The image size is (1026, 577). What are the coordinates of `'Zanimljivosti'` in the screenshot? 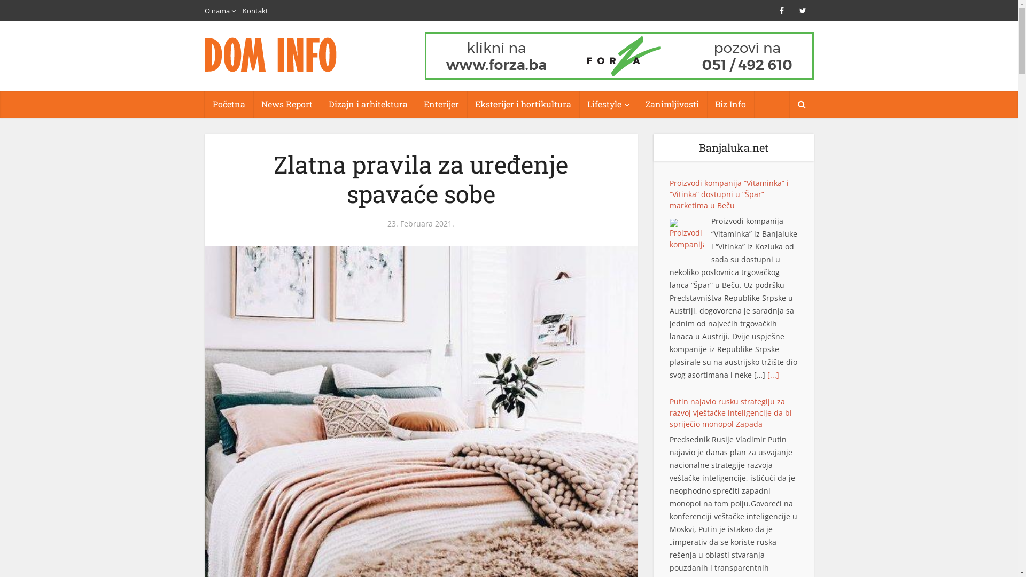 It's located at (671, 104).